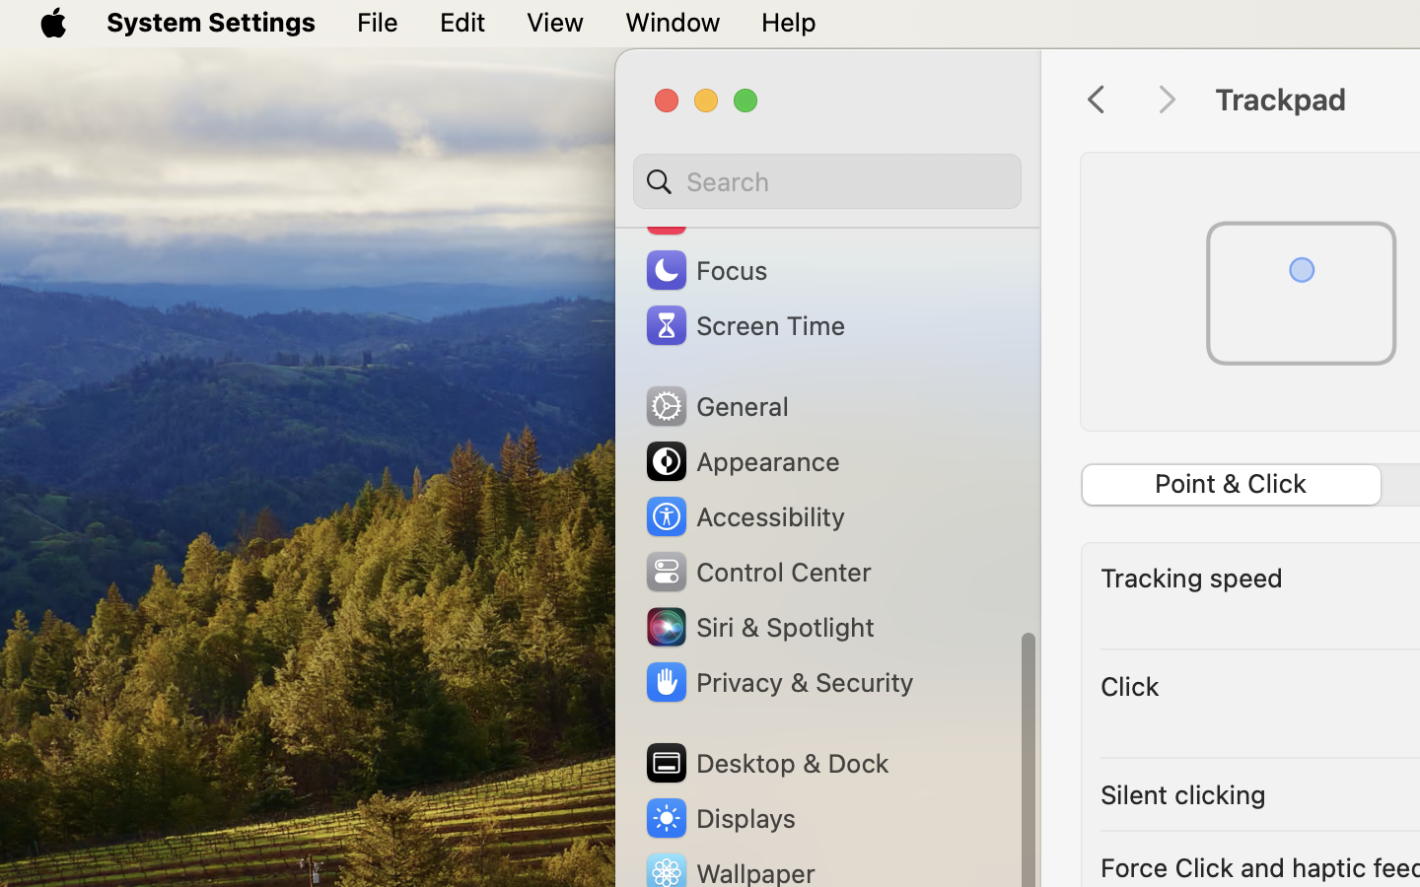  I want to click on 'General', so click(715, 406).